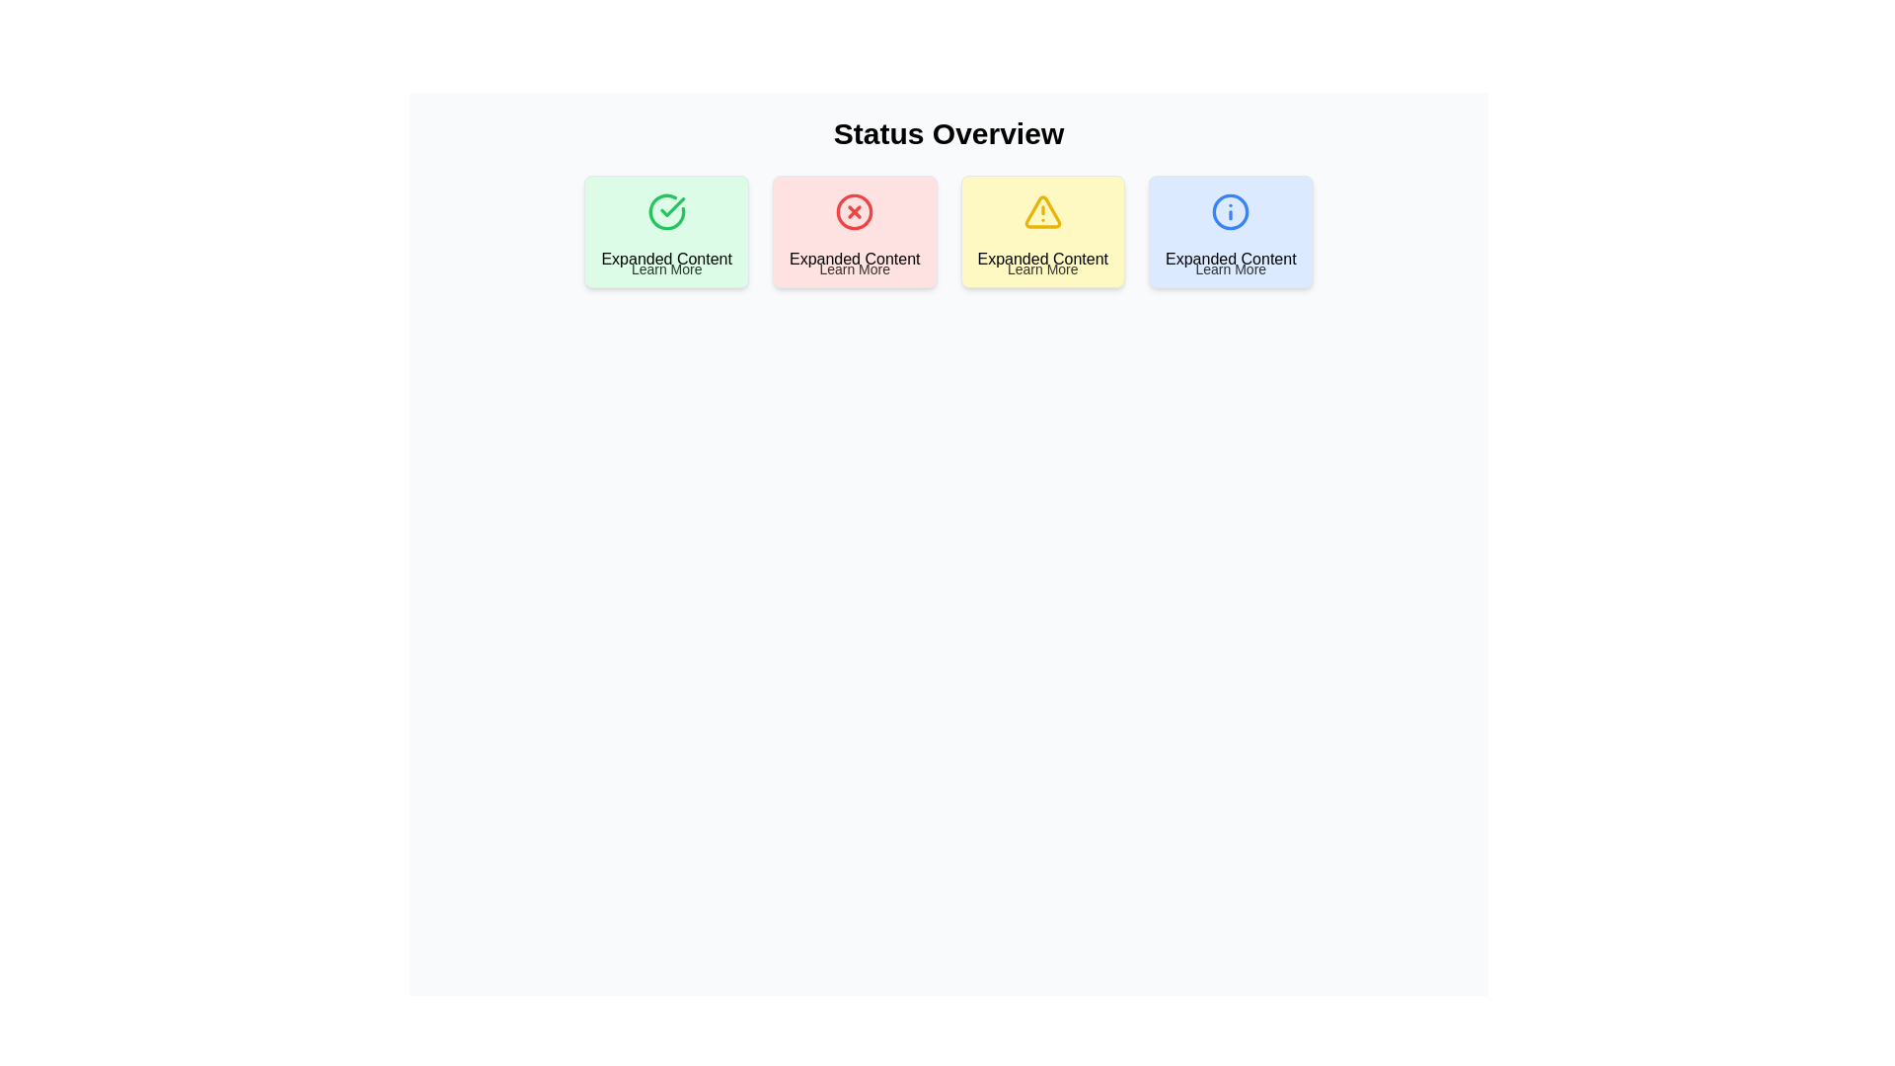 Image resolution: width=1895 pixels, height=1066 pixels. I want to click on text label located in the first card of the 'Status Overview' section, positioned above the 'Learn More' link and below a green checkmark icon, so click(666, 258).